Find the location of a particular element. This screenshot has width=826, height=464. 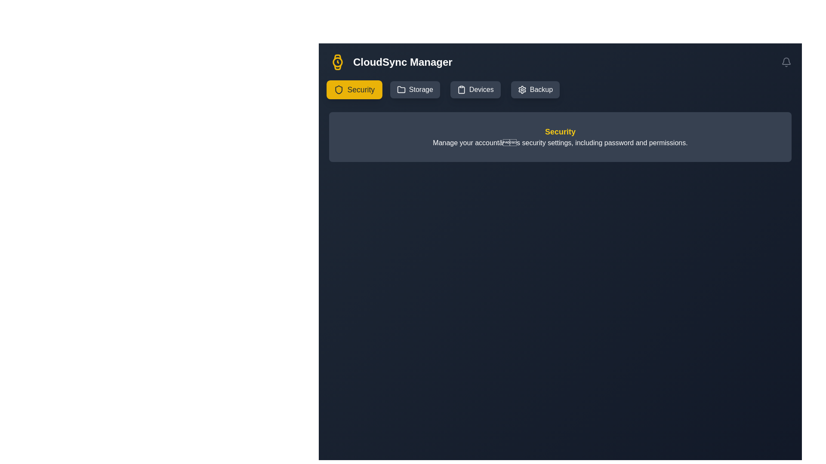

the 'Storage' button, which has a dark gray background, white text, and a folder icon is located at coordinates (415, 89).